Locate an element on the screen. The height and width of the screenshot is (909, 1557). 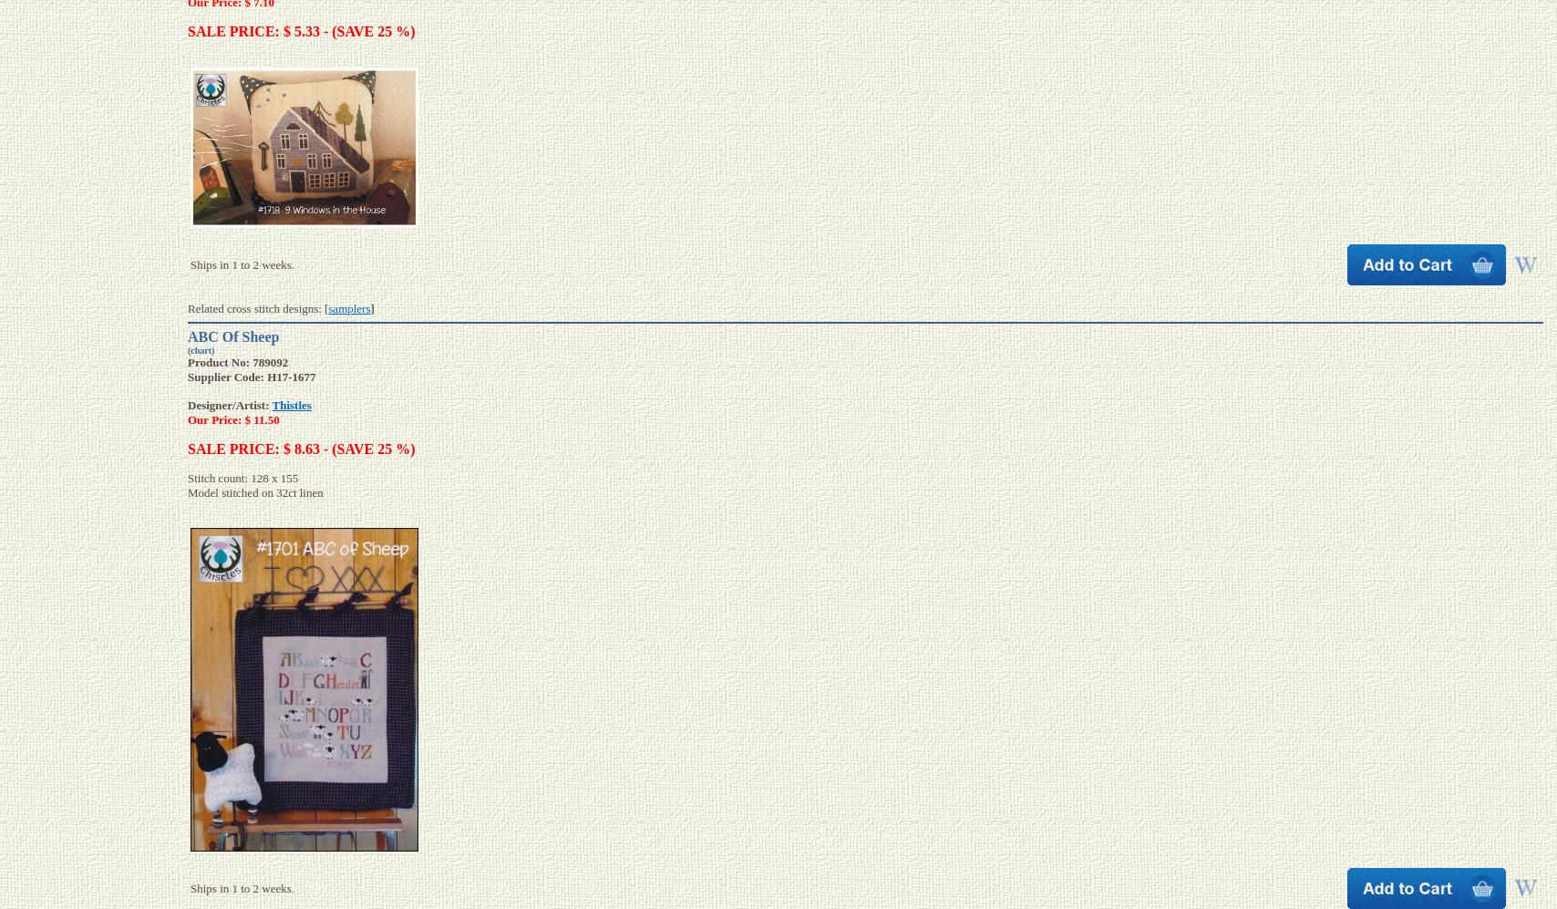
']' is located at coordinates (372, 307).